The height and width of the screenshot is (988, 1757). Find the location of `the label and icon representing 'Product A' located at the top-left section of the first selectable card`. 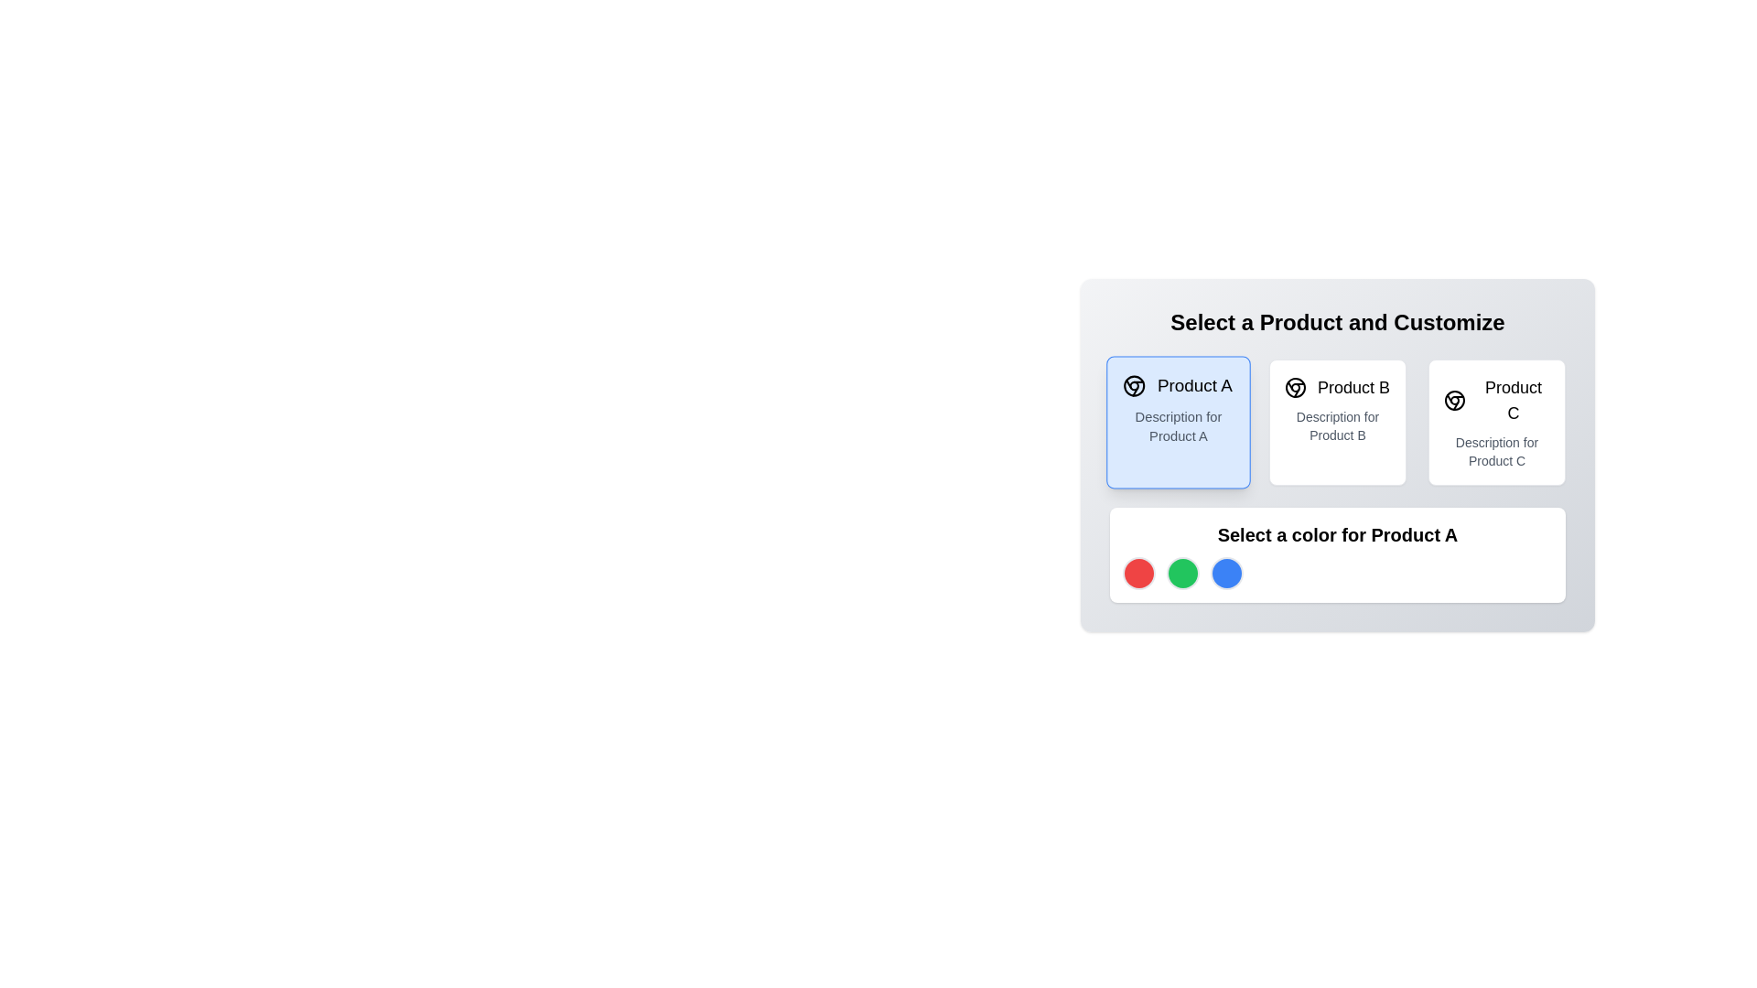

the label and icon representing 'Product A' located at the top-left section of the first selectable card is located at coordinates (1178, 384).